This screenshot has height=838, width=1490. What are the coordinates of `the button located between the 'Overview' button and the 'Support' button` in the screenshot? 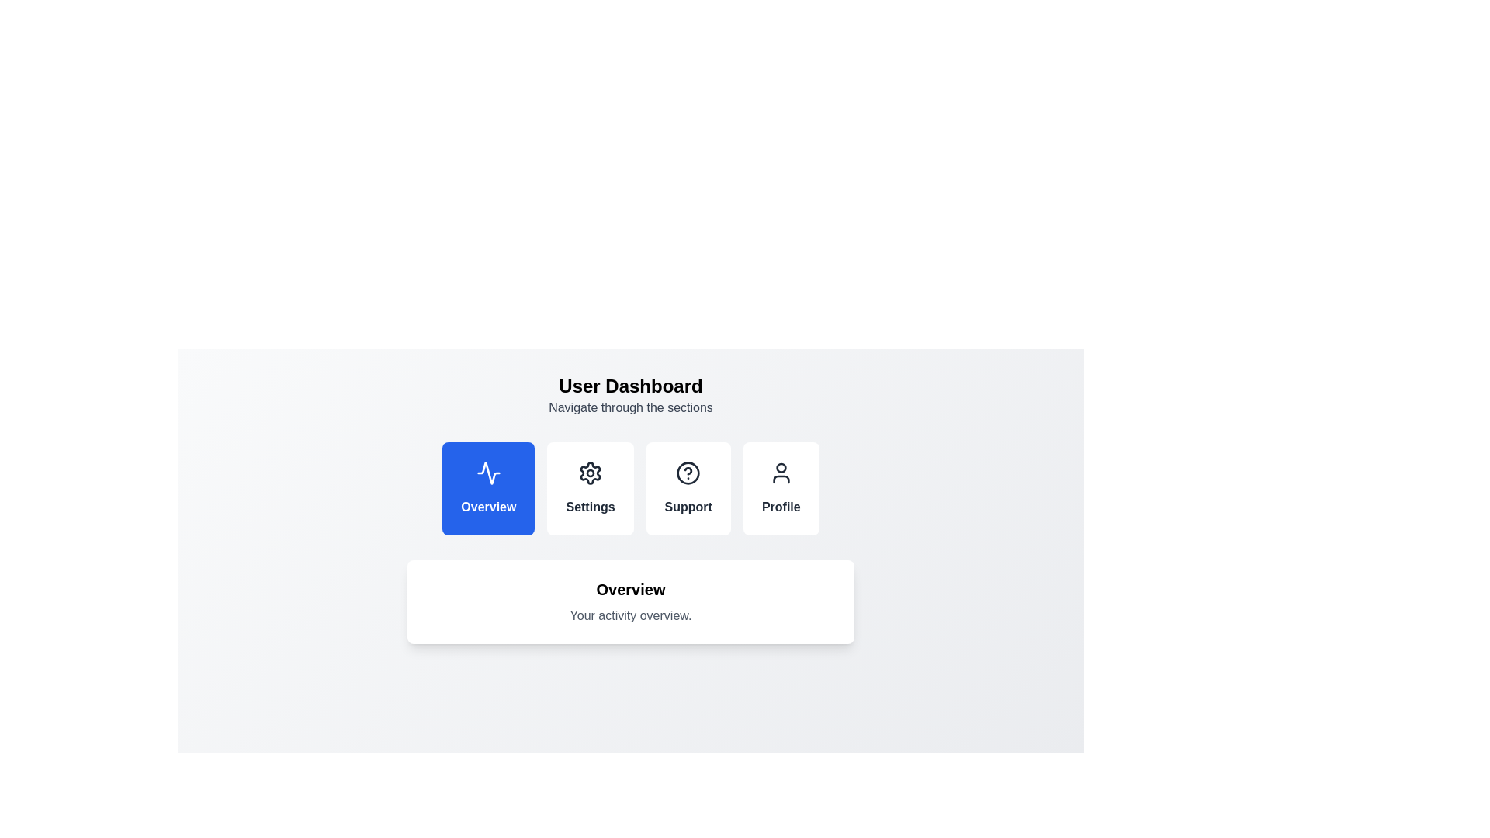 It's located at (590, 487).